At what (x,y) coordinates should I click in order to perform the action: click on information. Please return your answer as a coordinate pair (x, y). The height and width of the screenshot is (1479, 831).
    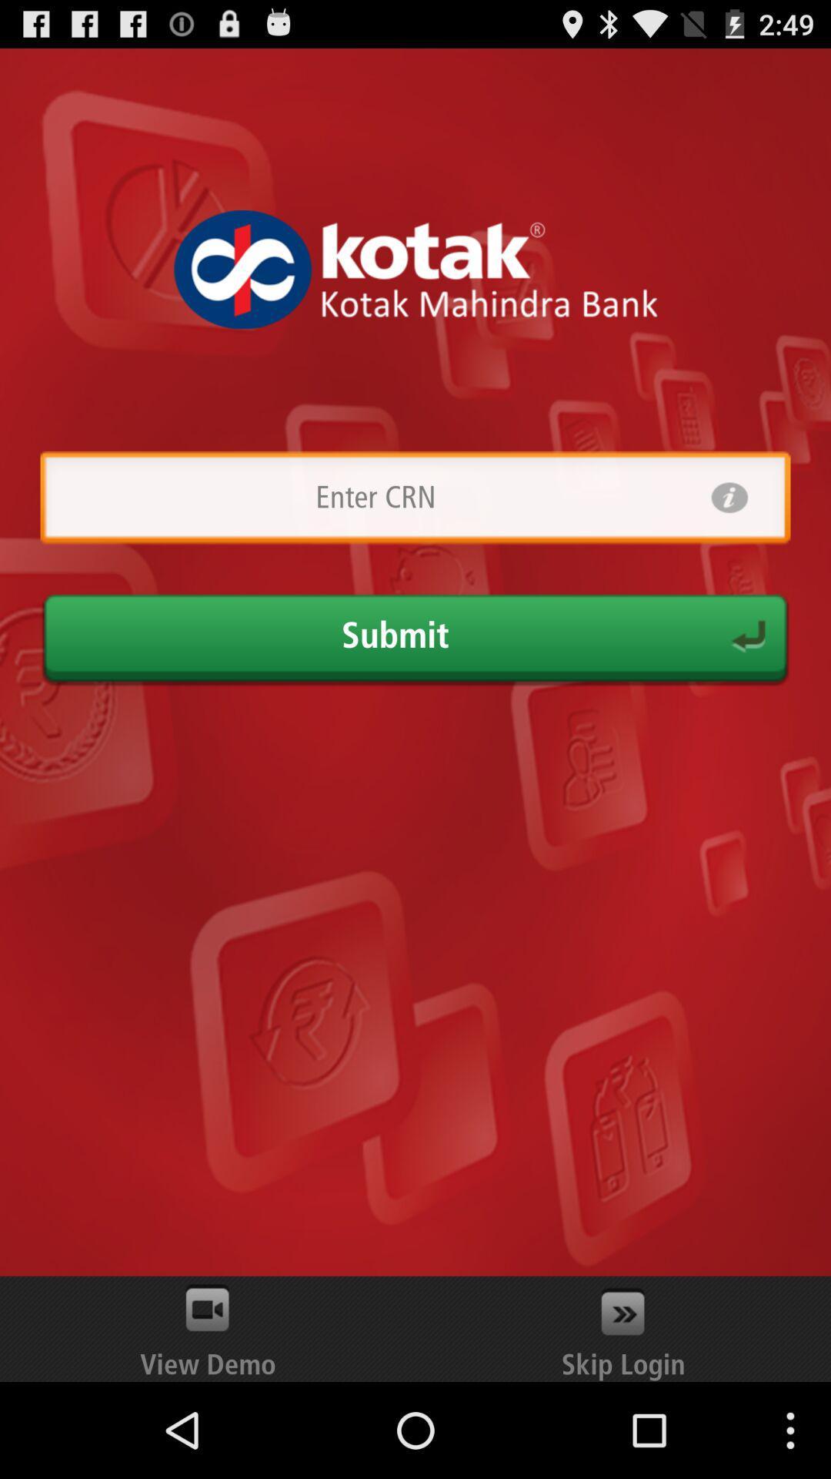
    Looking at the image, I should click on (729, 498).